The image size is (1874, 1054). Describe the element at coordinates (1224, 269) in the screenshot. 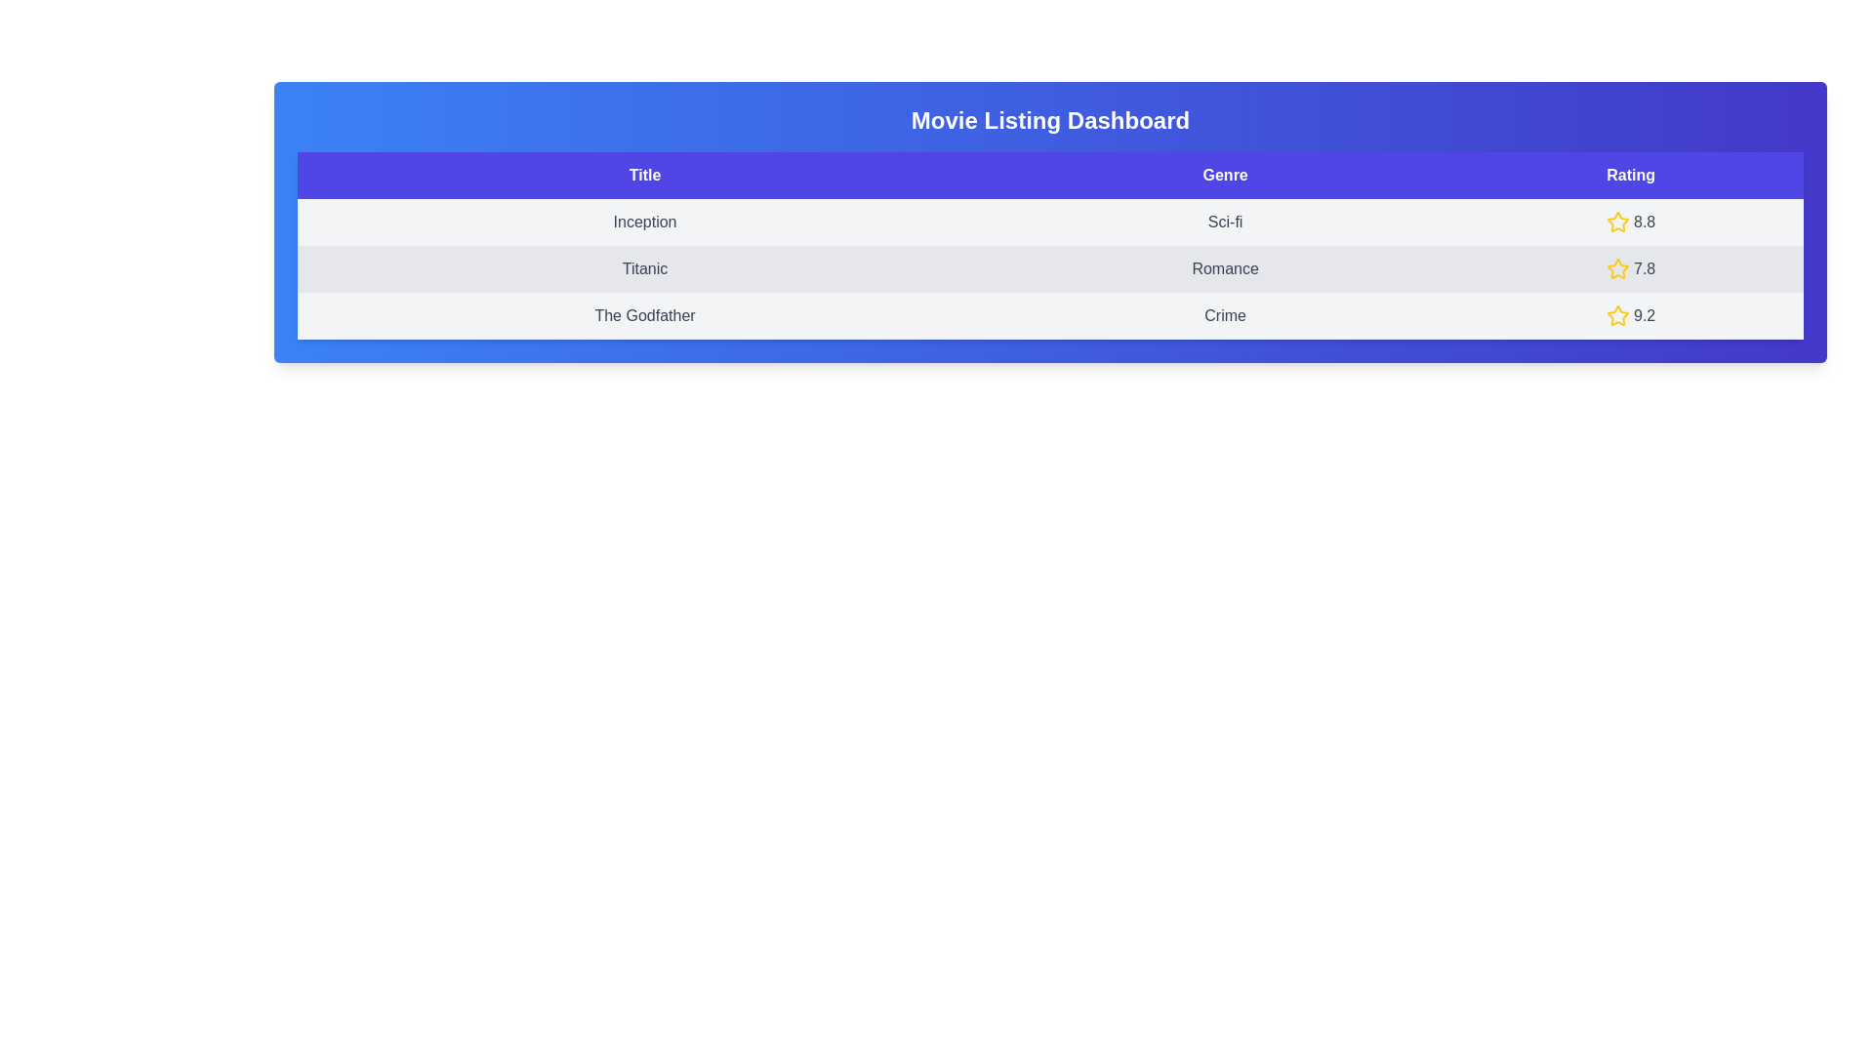

I see `text of the 'Romance' label located in the second row of the table under the 'Genre' column, between 'Titanic' and the rating '7.8'` at that location.